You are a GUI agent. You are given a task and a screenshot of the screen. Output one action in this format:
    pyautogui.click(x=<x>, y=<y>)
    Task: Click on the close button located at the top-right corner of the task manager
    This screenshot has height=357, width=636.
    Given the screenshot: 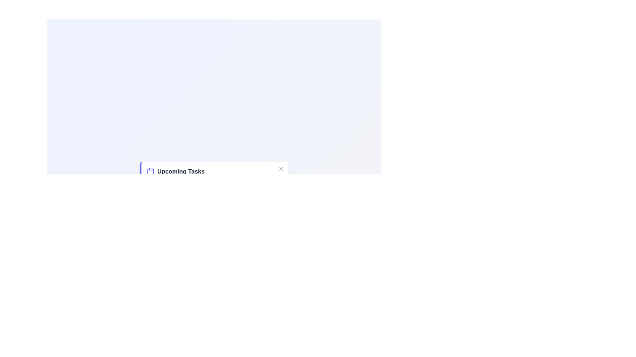 What is the action you would take?
    pyautogui.click(x=281, y=168)
    